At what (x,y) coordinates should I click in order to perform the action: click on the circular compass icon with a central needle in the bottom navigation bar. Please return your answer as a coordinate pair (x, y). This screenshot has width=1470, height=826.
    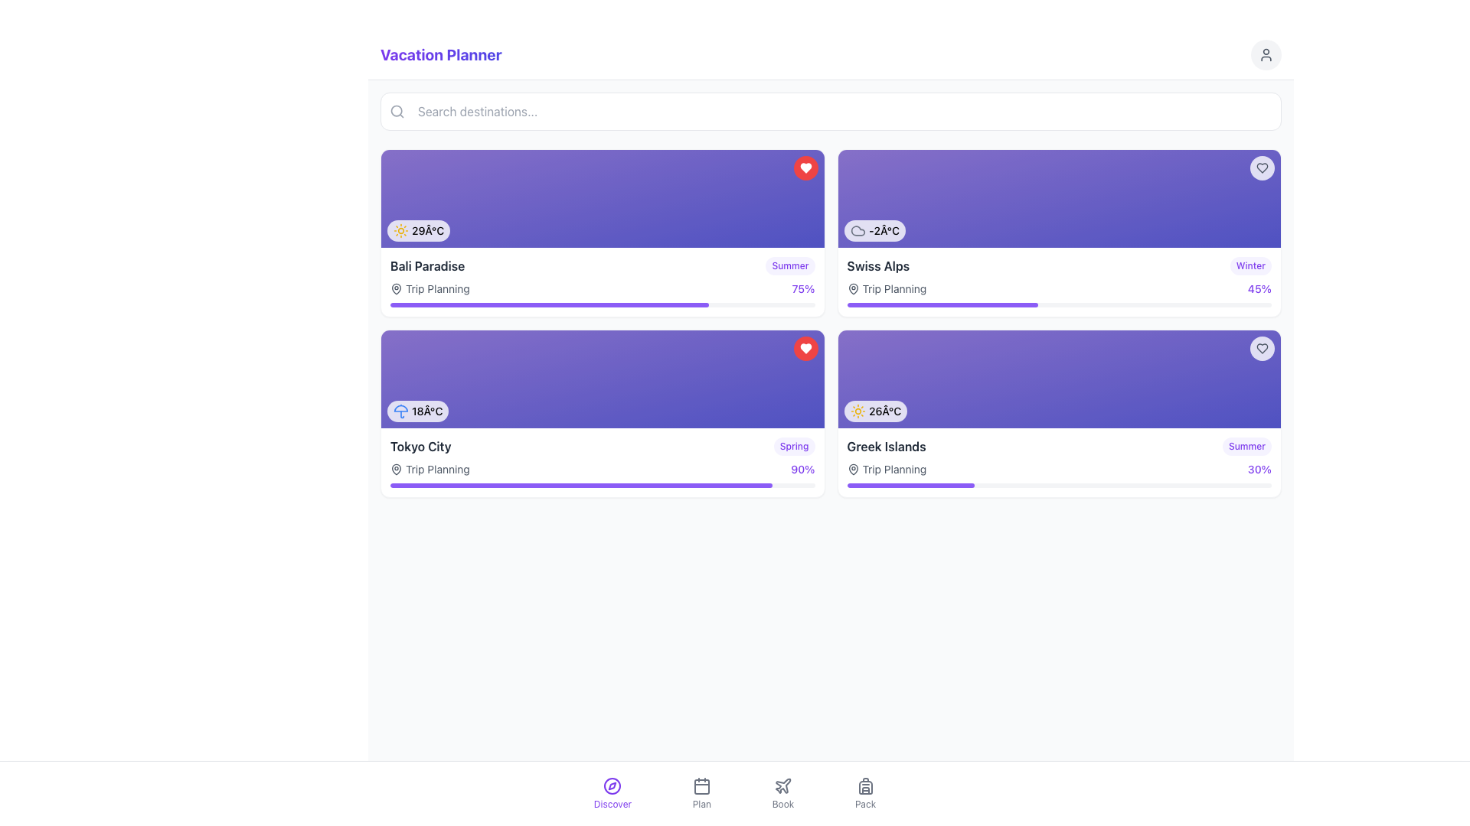
    Looking at the image, I should click on (612, 786).